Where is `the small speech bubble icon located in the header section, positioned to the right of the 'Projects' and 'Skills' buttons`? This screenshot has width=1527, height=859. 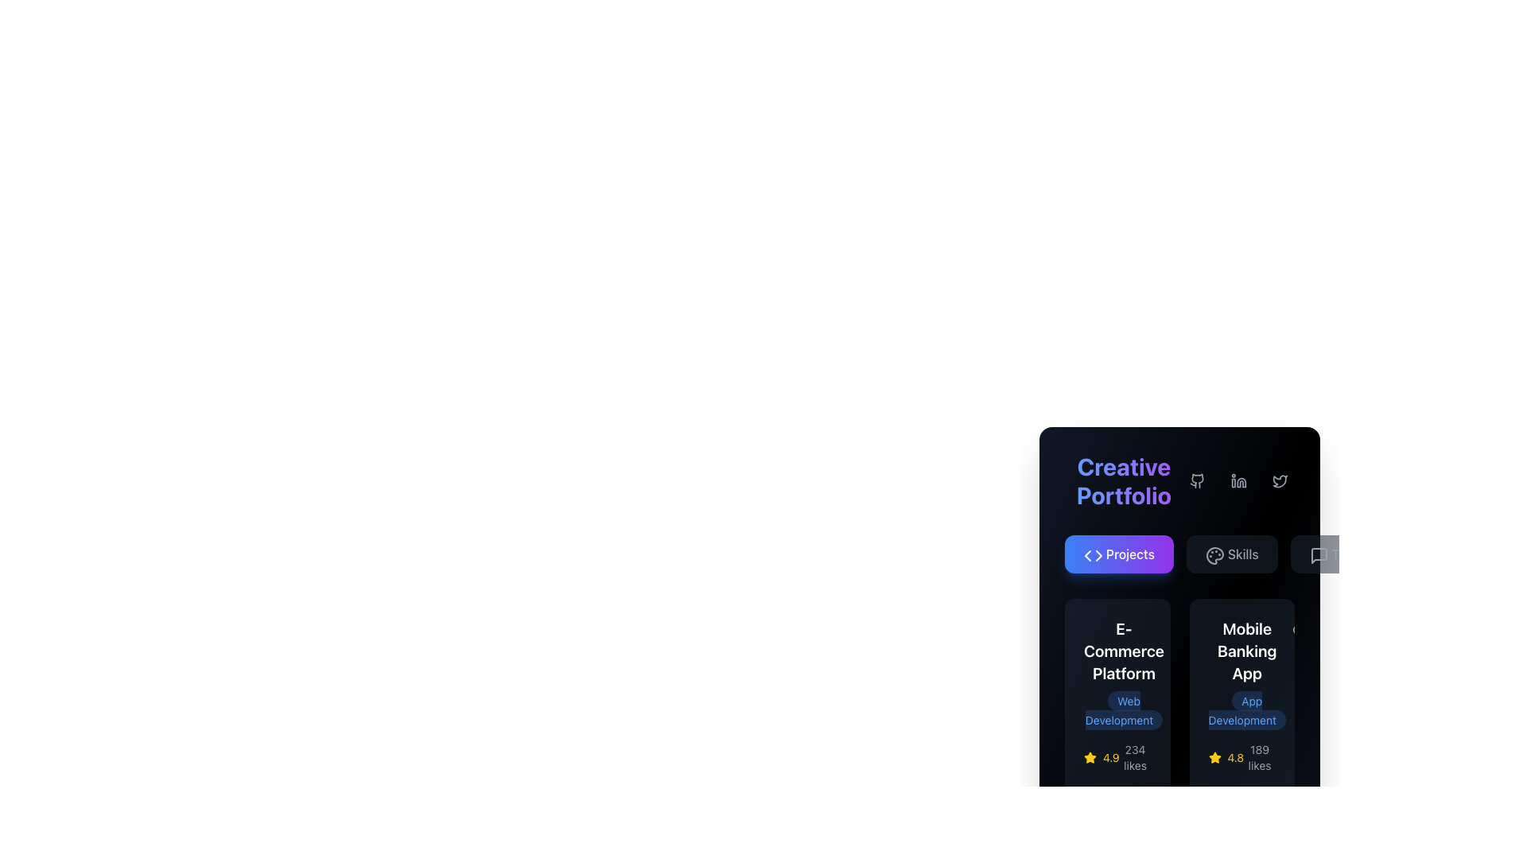
the small speech bubble icon located in the header section, positioned to the right of the 'Projects' and 'Skills' buttons is located at coordinates (1319, 554).